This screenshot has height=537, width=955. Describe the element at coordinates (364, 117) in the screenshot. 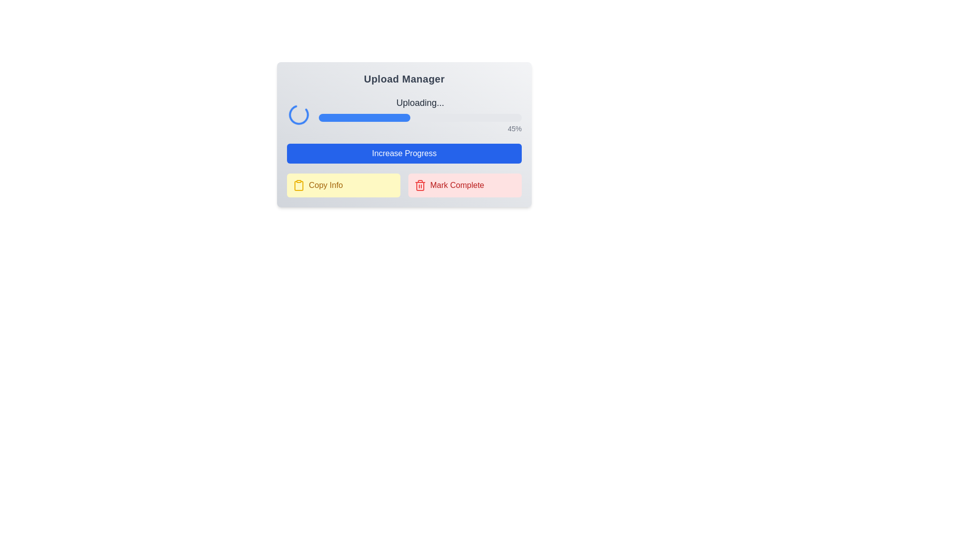

I see `the blue progress indicator in the 'Upload Manager' that shows 45% progress` at that location.